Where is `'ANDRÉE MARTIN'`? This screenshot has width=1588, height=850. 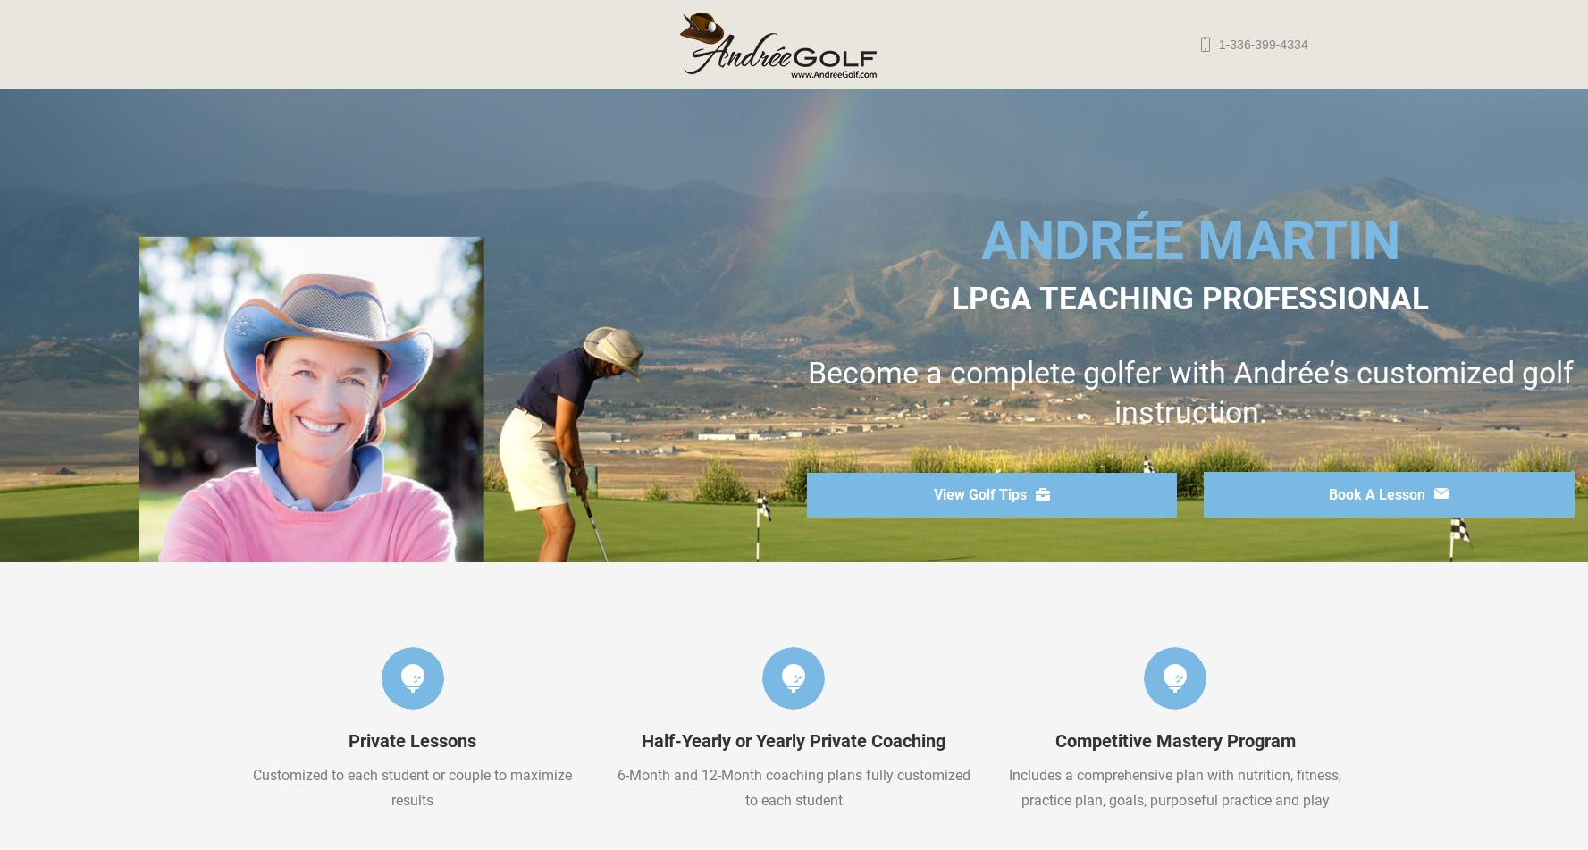
'ANDRÉE MARTIN' is located at coordinates (979, 240).